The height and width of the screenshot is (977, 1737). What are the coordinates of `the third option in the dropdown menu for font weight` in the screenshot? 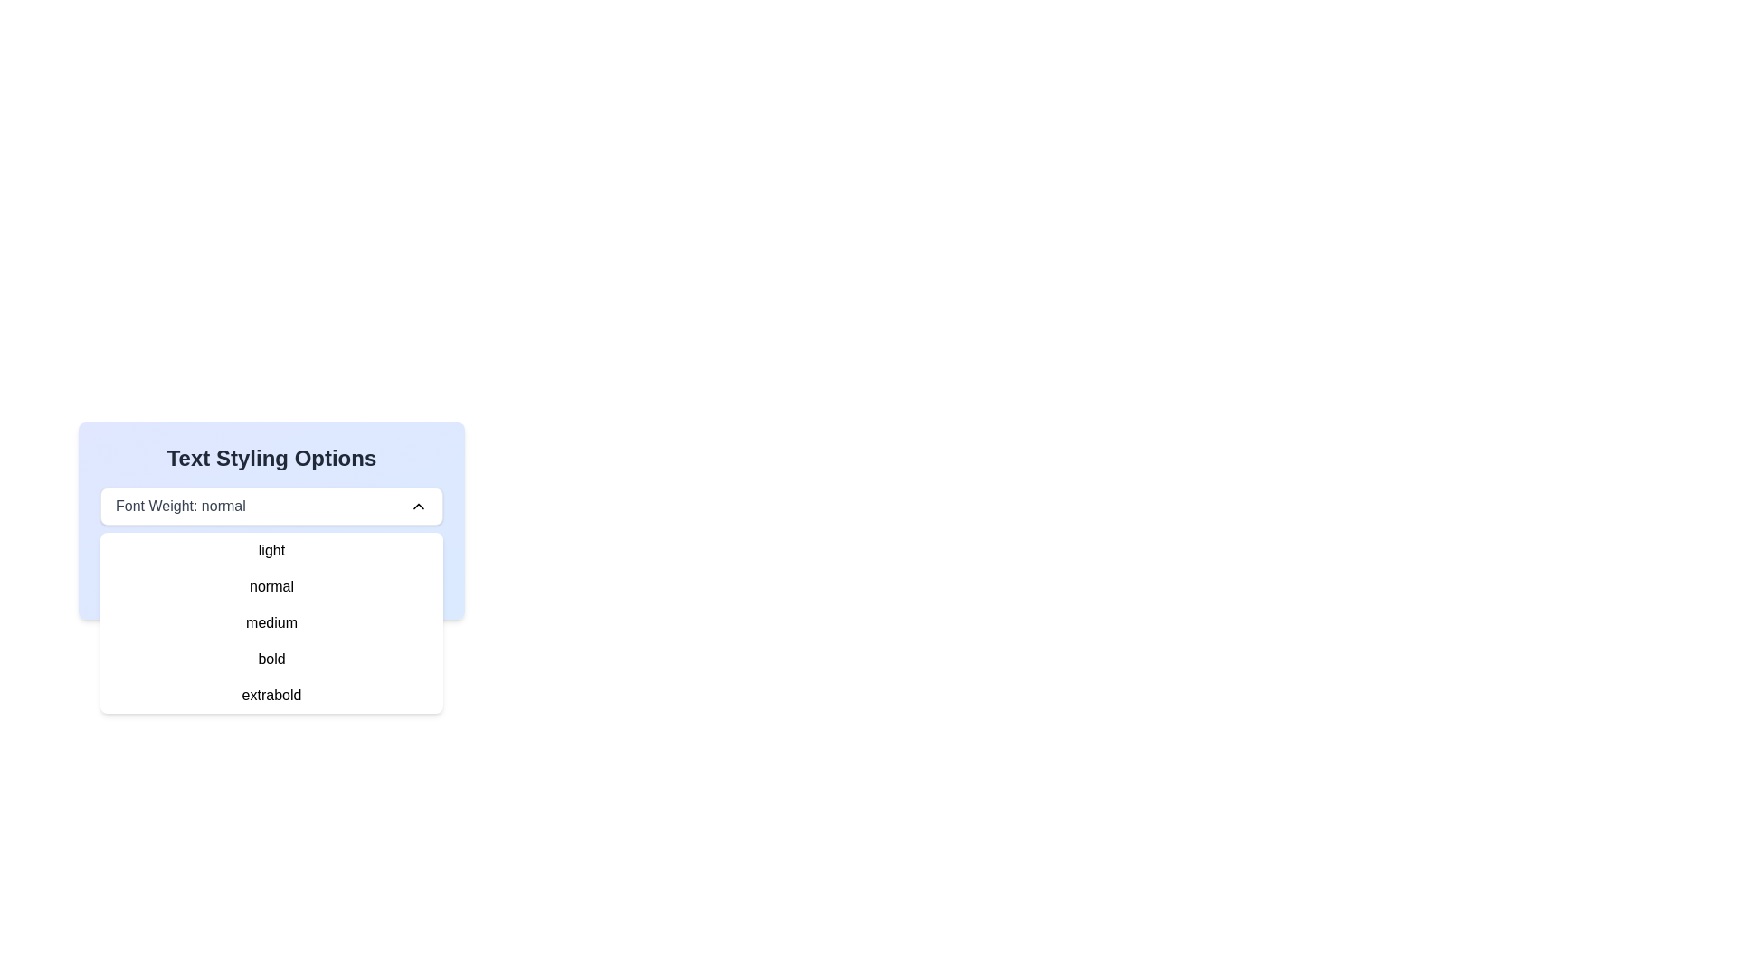 It's located at (271, 622).